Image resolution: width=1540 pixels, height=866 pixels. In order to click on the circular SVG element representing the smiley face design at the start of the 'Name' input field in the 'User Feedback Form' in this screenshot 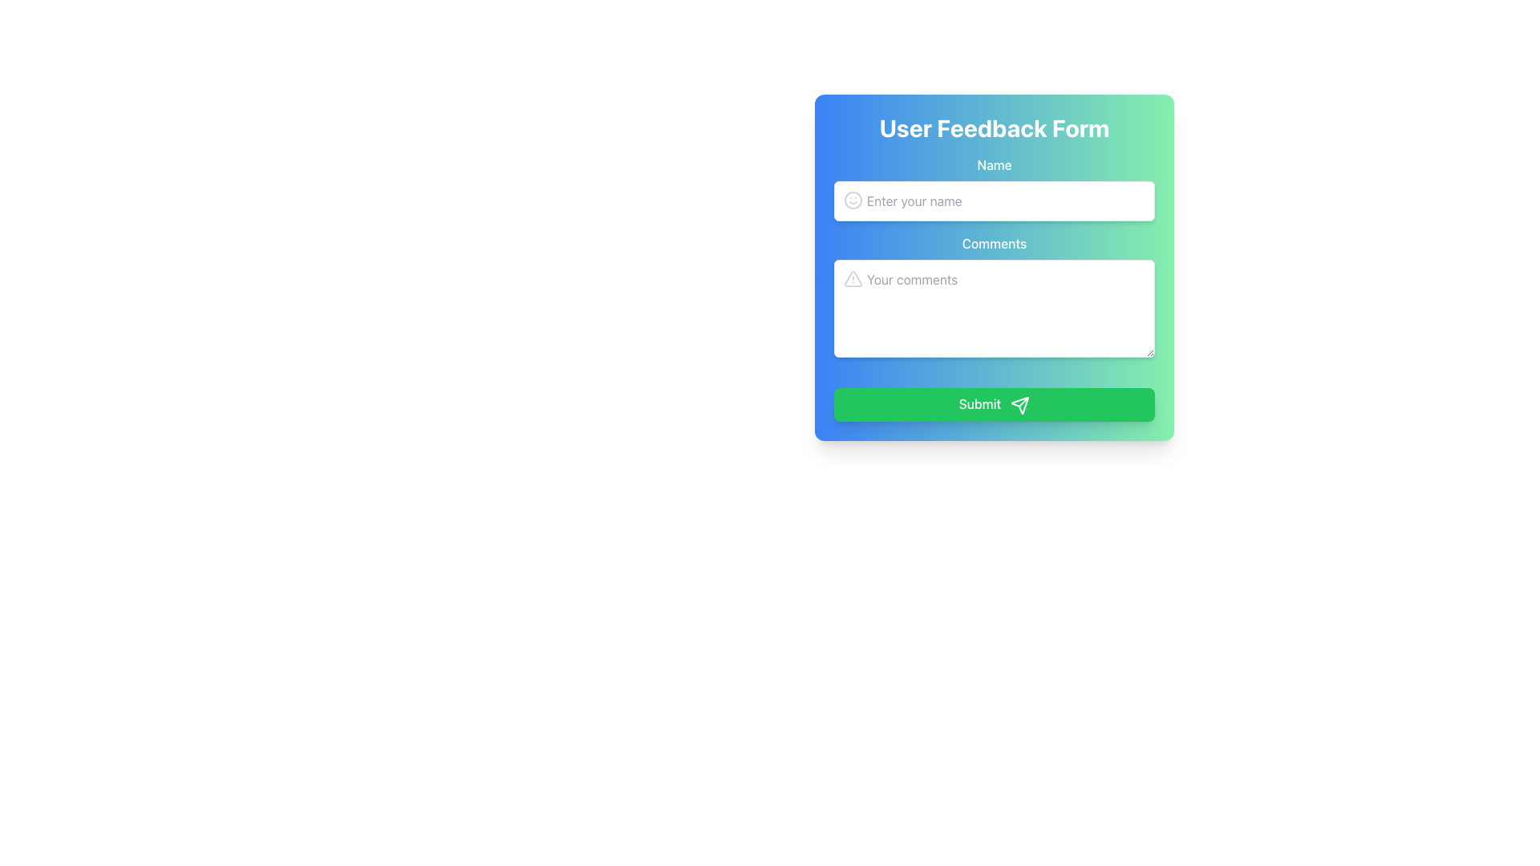, I will do `click(853, 200)`.